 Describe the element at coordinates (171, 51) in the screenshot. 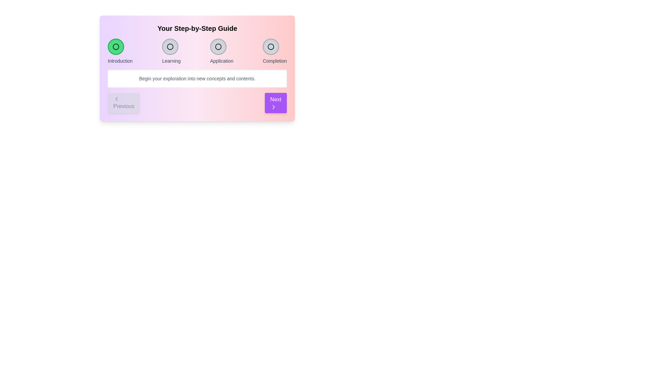

I see `the 'Learning' label and icon element, which features a gray background circular icon with a double-bordered black circle and the text 'Learning' below it` at that location.